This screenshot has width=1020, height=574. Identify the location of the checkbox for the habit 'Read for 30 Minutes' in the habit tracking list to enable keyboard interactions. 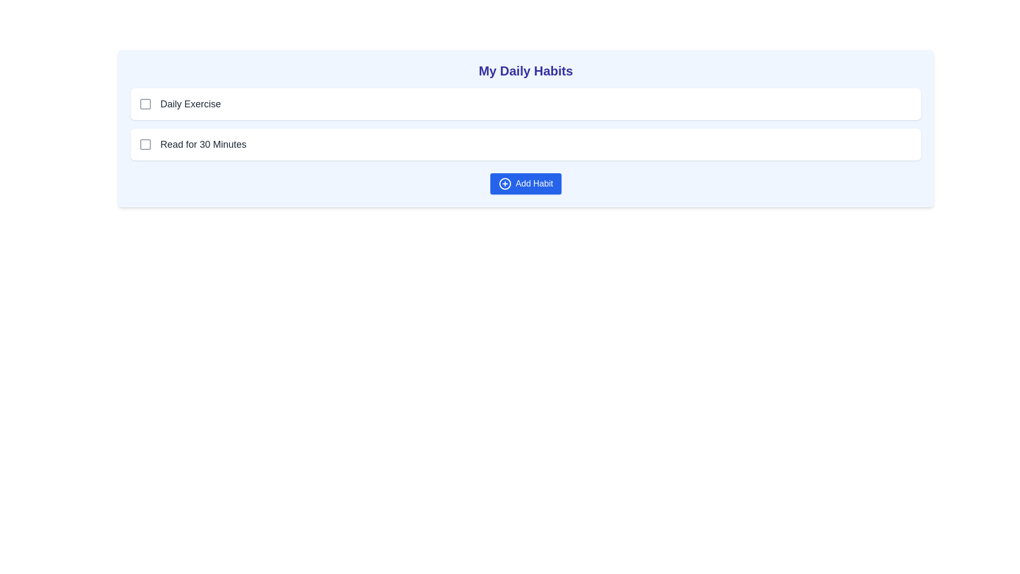
(525, 145).